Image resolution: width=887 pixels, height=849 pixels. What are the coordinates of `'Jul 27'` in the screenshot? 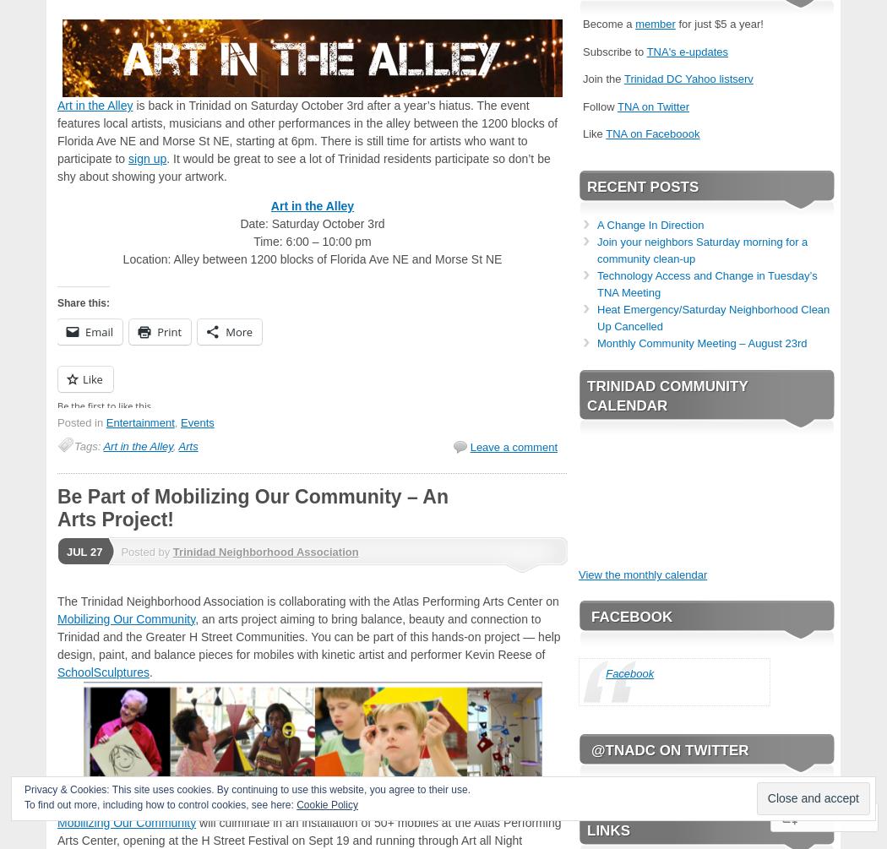 It's located at (66, 550).